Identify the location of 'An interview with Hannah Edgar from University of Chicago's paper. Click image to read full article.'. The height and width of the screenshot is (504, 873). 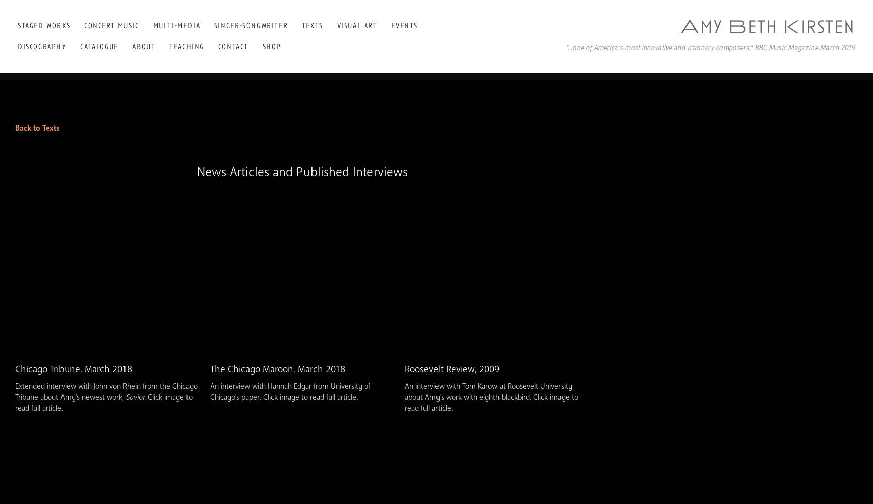
(209, 392).